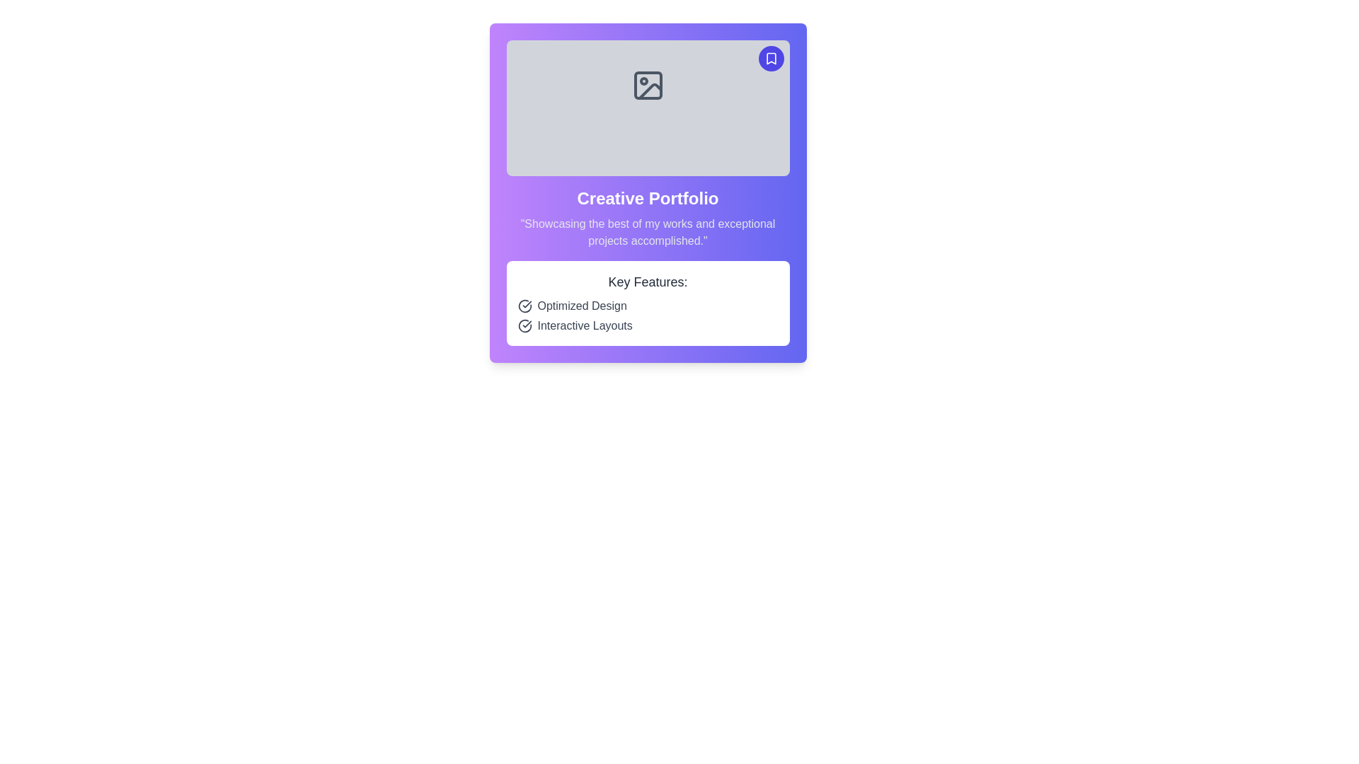 This screenshot has height=764, width=1359. I want to click on prominently styled text 'Creative Portfolio' which is a bold heading centered at the top section of the card layout, above a subtitle and below an image placeholder, so click(647, 199).